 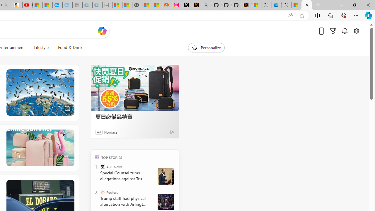 I want to click on 'Nordace - Duffels', so click(x=137, y=5).